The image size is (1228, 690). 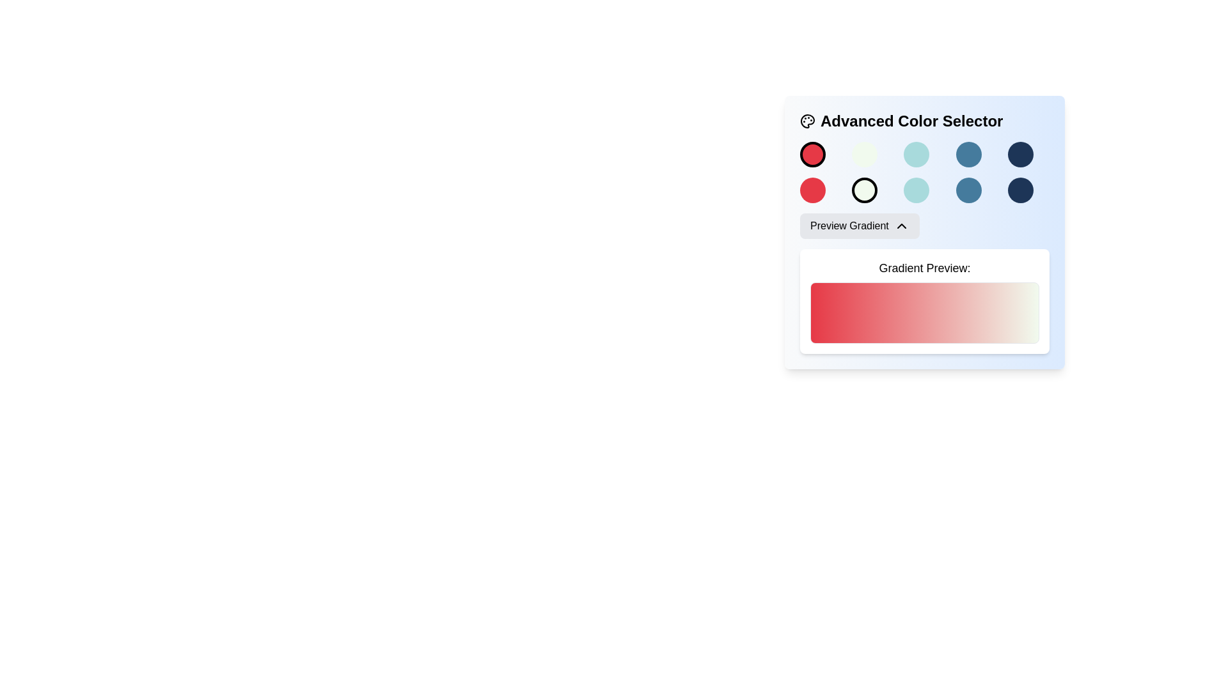 I want to click on the last circular color selection button in the second row of the Advanced Color Selector, so click(x=1019, y=190).